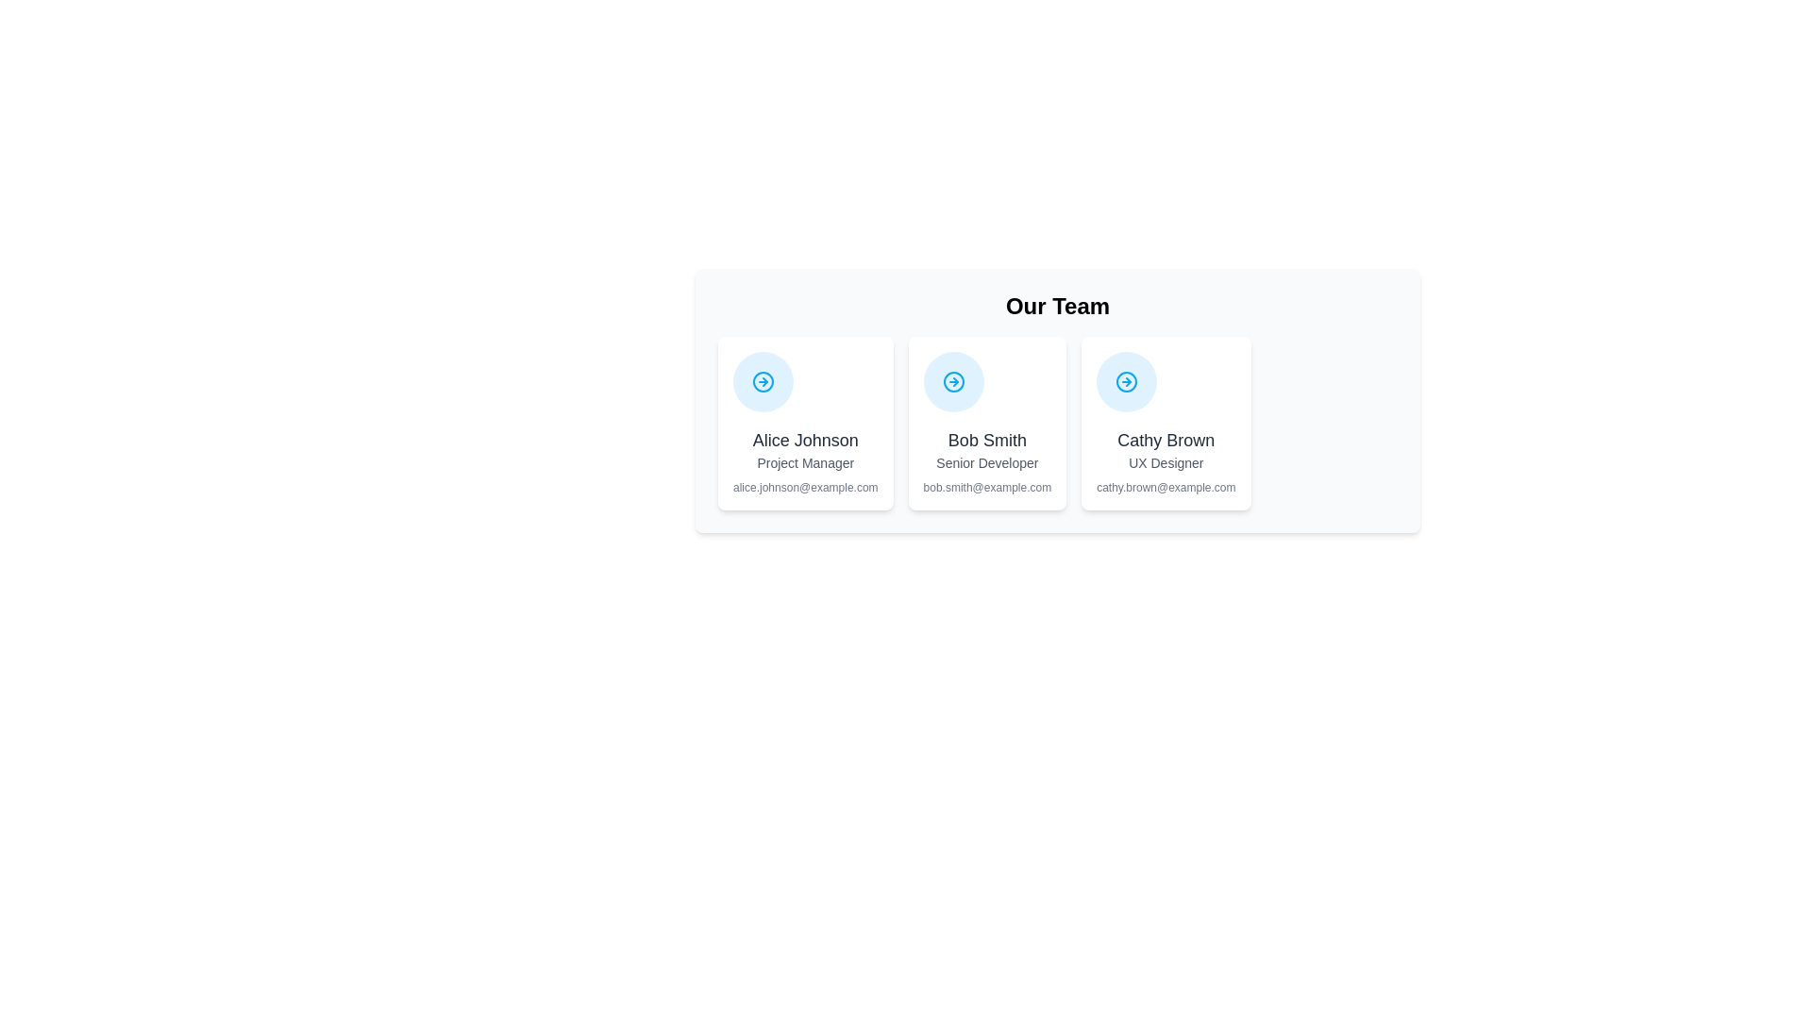 This screenshot has height=1019, width=1812. Describe the element at coordinates (1127, 382) in the screenshot. I see `the SVG Circle Element outlined in blue` at that location.